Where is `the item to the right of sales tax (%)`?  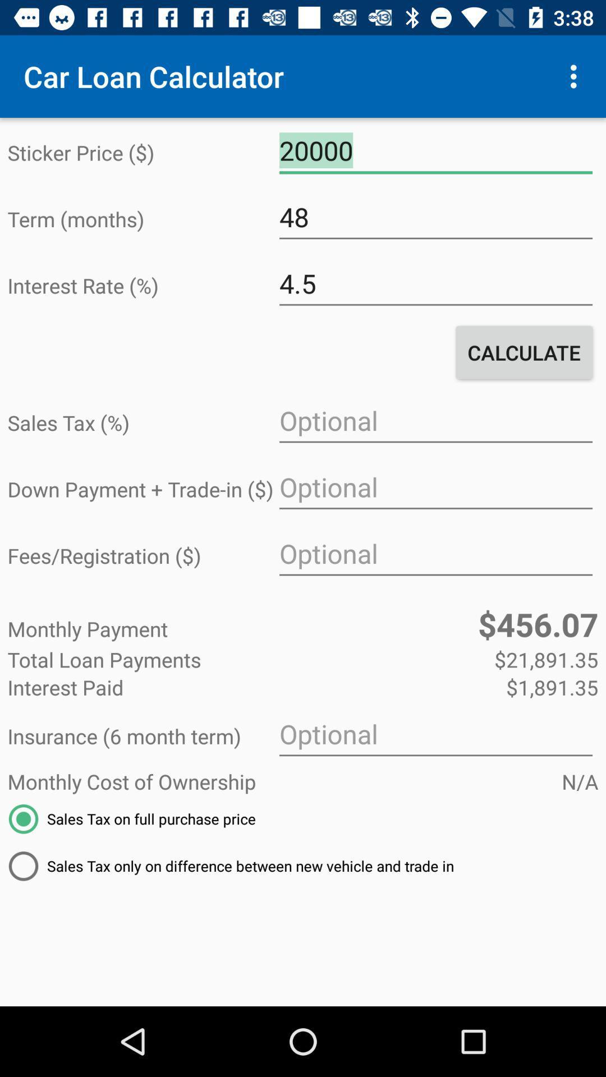
the item to the right of sales tax (%) is located at coordinates (435, 420).